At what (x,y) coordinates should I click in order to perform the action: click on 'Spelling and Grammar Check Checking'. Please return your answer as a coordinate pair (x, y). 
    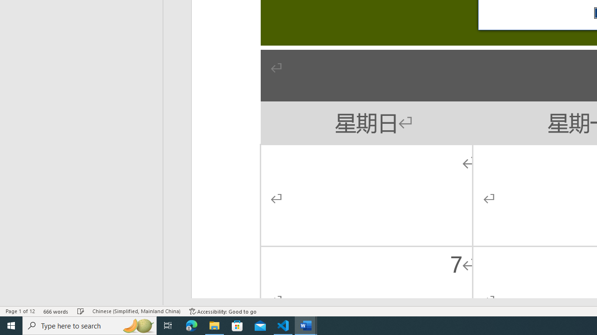
    Looking at the image, I should click on (81, 311).